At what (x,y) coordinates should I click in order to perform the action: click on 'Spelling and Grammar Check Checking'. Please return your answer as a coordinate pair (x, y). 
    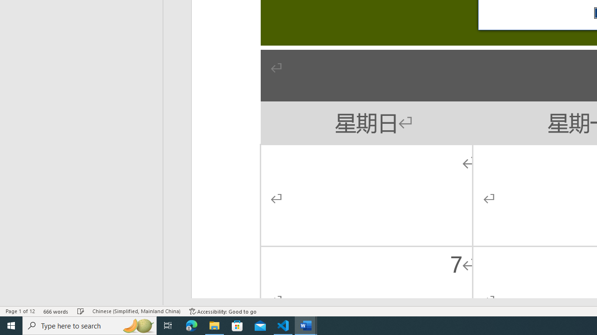
    Looking at the image, I should click on (81, 311).